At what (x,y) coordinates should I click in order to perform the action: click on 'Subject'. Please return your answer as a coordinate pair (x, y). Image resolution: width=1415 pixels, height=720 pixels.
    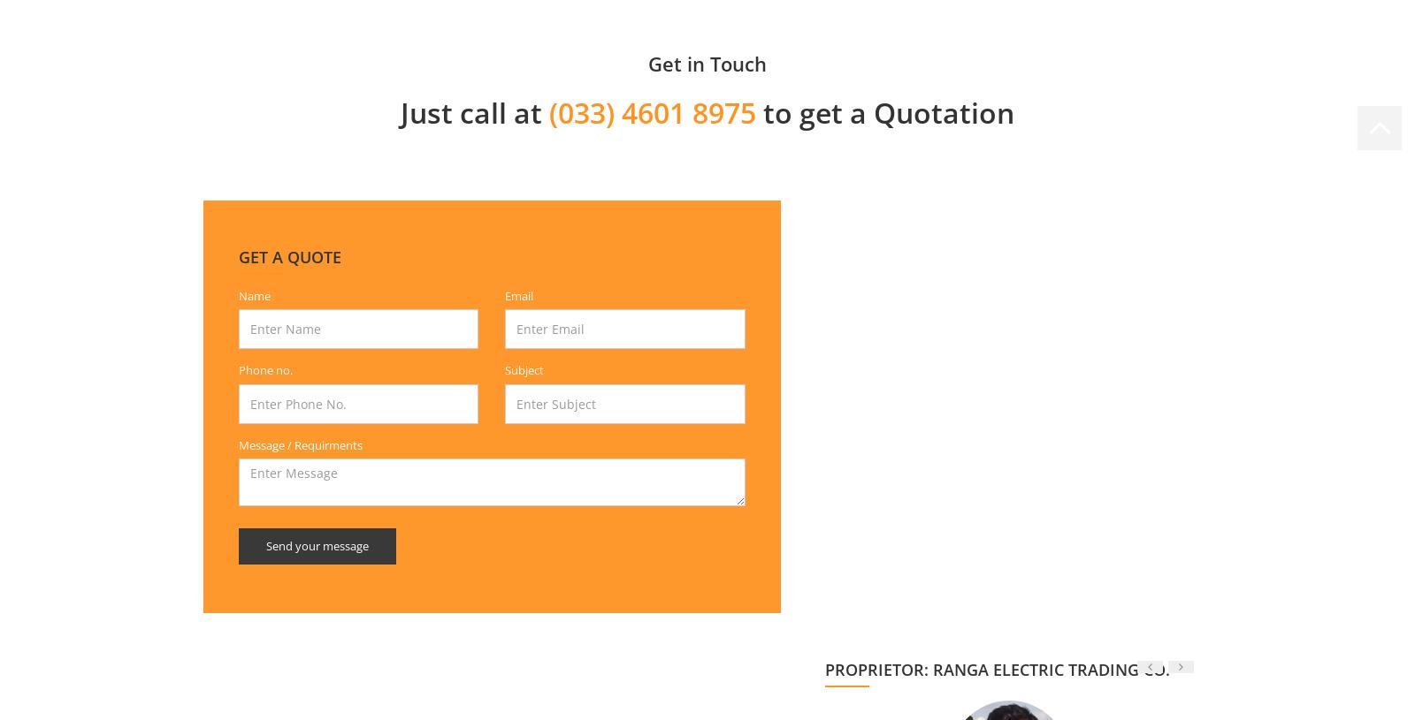
    Looking at the image, I should click on (523, 369).